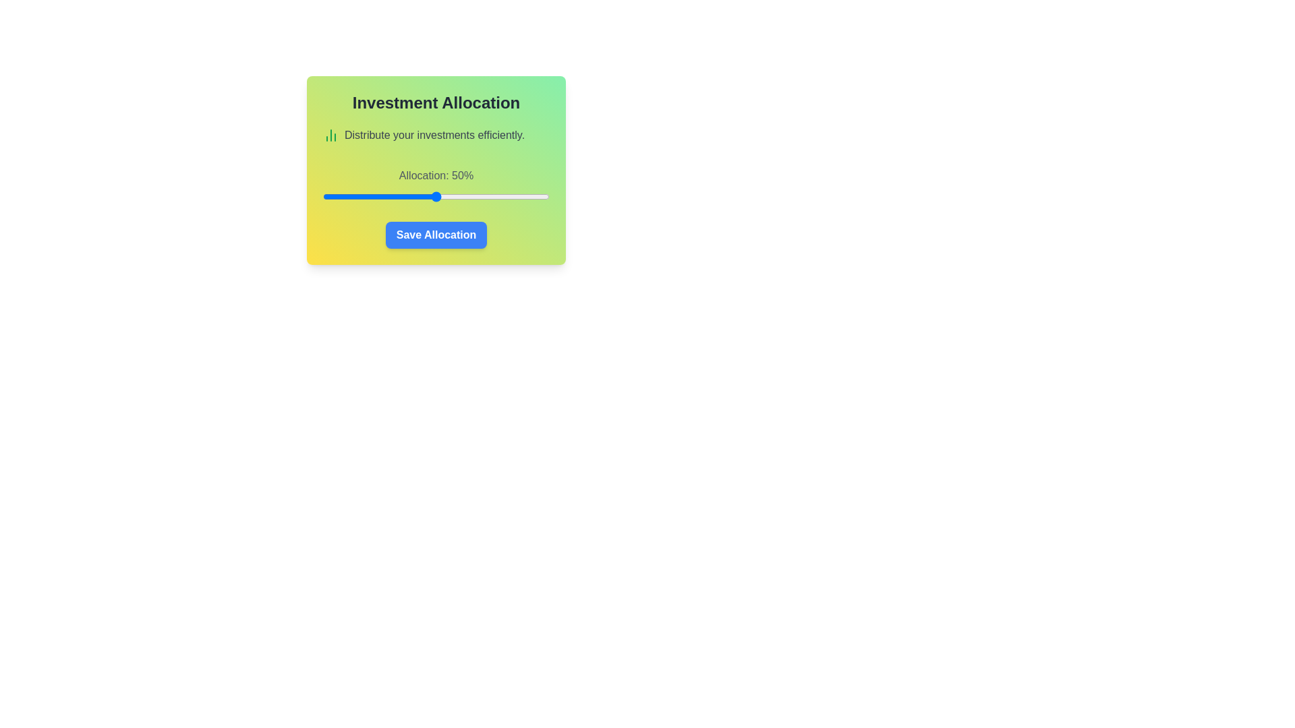 This screenshot has height=728, width=1295. What do you see at coordinates (531, 197) in the screenshot?
I see `the investment allocation slider to 92%` at bounding box center [531, 197].